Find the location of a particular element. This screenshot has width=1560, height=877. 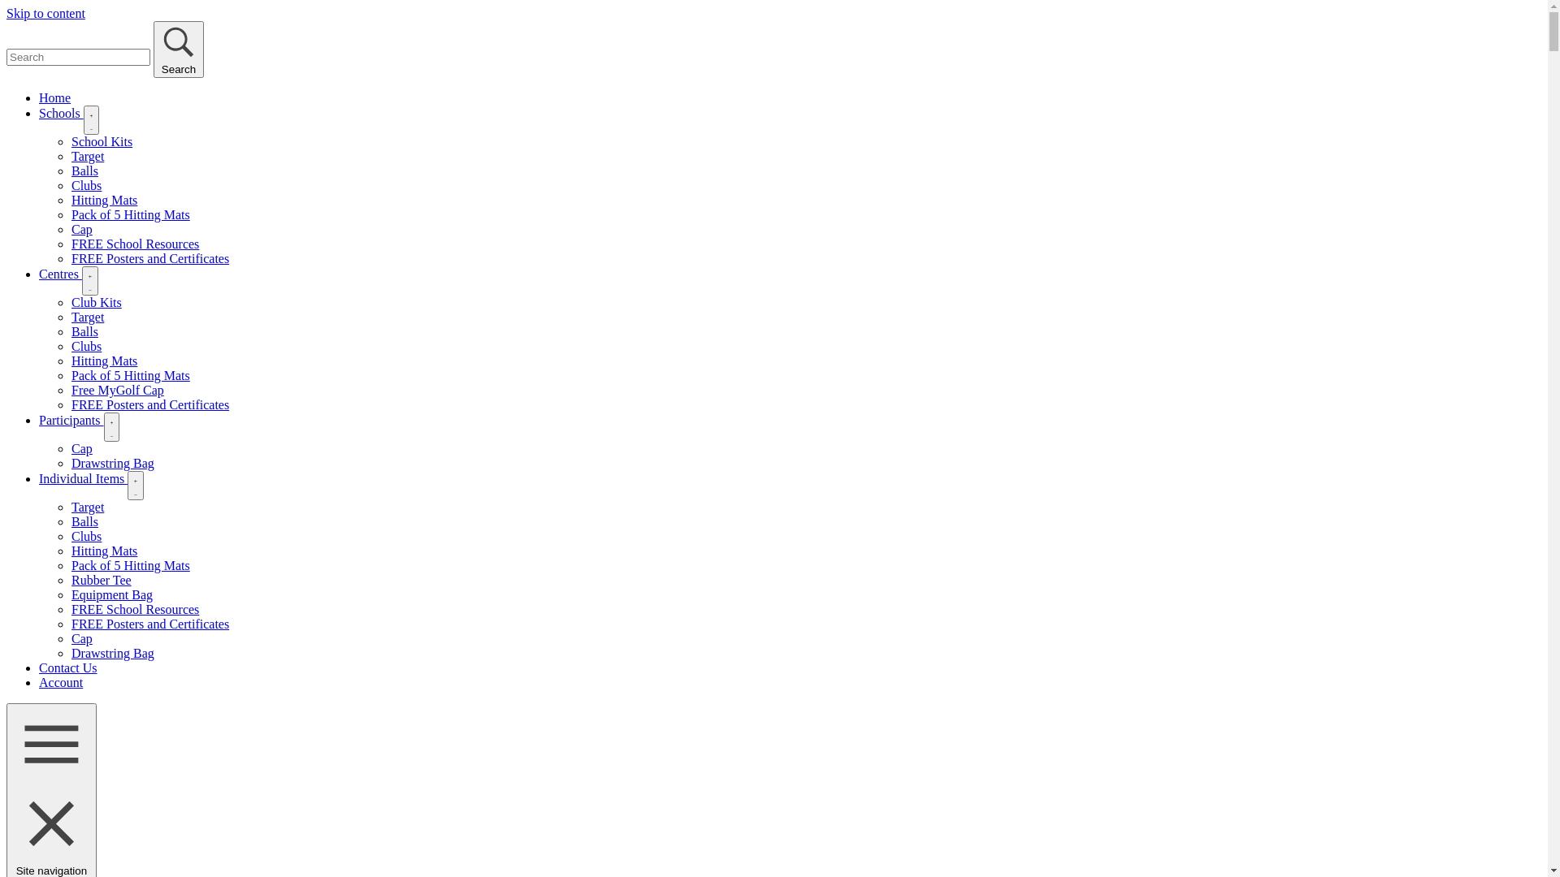

'Cap' is located at coordinates (80, 229).